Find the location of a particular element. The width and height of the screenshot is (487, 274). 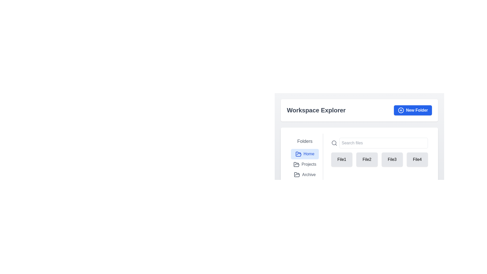

the Text label that categorizes the section for folder navigation or options, positioned at the top of the left navigation area is located at coordinates (304, 141).